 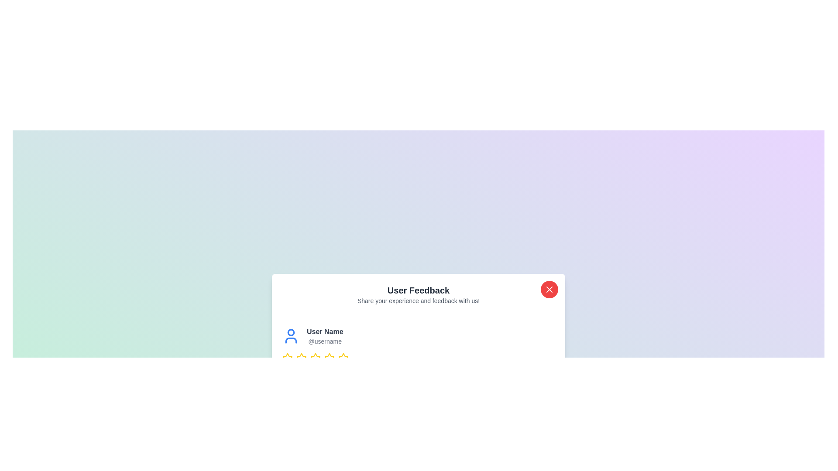 What do you see at coordinates (315, 358) in the screenshot?
I see `the fourth star icon in the sequence of five stars located below the text 'User Name' and '@username' in the central feedback dialog box` at bounding box center [315, 358].